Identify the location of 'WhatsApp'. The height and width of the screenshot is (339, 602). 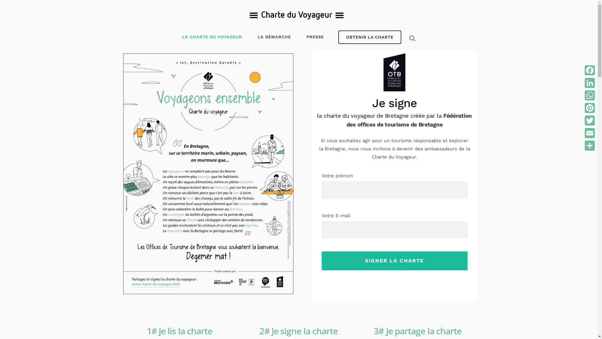
(589, 95).